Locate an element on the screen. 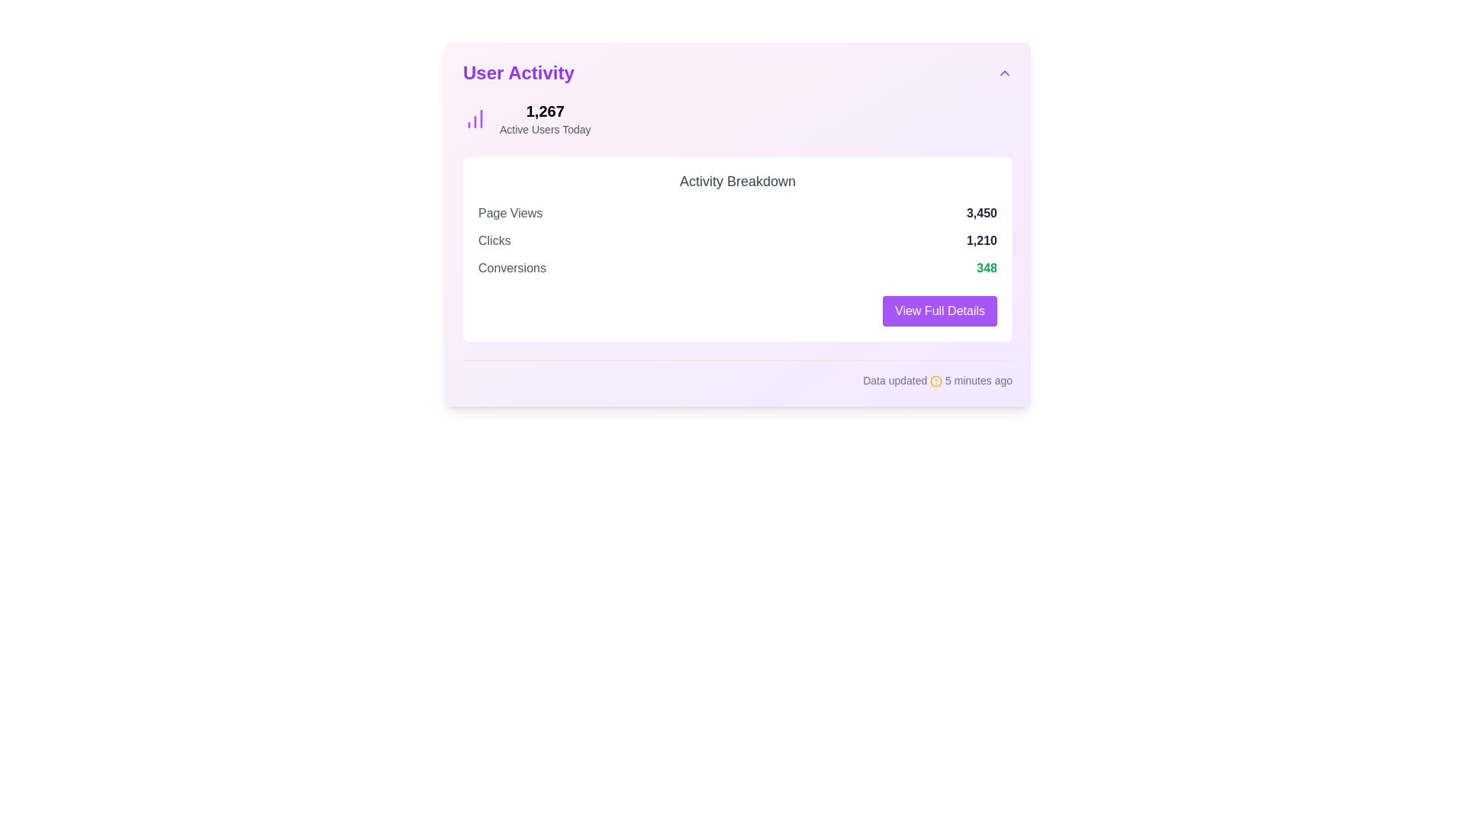  the Icon (SVG) that visually represents user activity data, located to the left of the '1,267 Active Users Today' text in the top-left area of the 'User Activity' card is located at coordinates (475, 117).